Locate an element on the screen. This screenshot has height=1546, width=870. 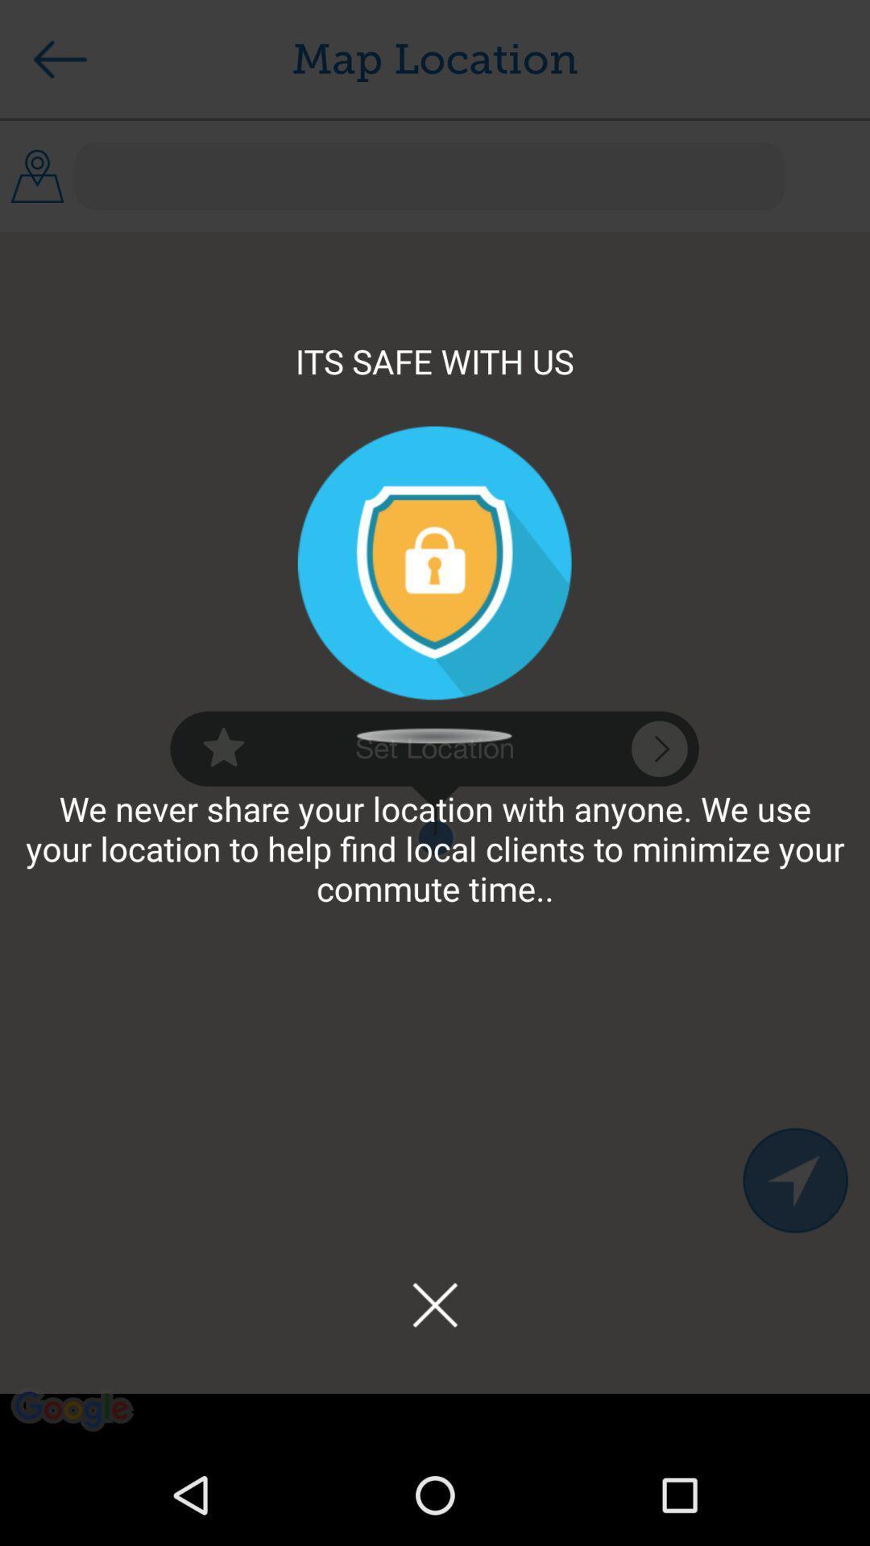
pop up message is located at coordinates (435, 1304).